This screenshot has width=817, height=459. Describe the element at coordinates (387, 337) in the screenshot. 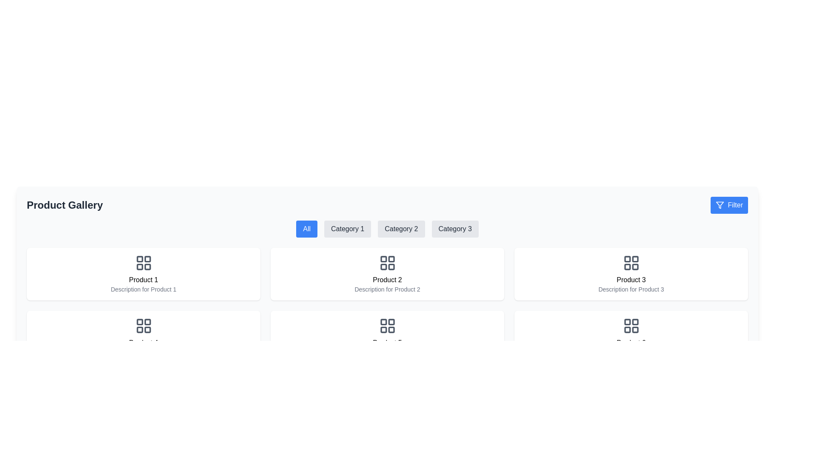

I see `the white card displaying 'Product 5' with a grid icon, located in the second row of the grid layout` at that location.